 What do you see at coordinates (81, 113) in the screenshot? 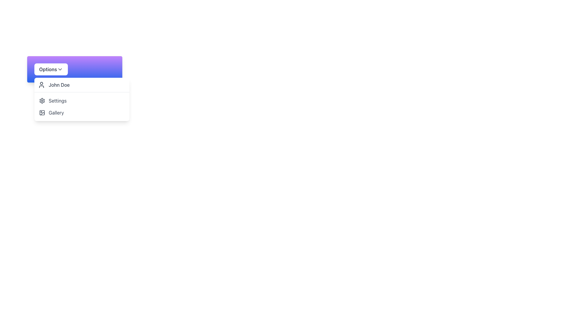
I see `the second button in the dropdown menu` at bounding box center [81, 113].